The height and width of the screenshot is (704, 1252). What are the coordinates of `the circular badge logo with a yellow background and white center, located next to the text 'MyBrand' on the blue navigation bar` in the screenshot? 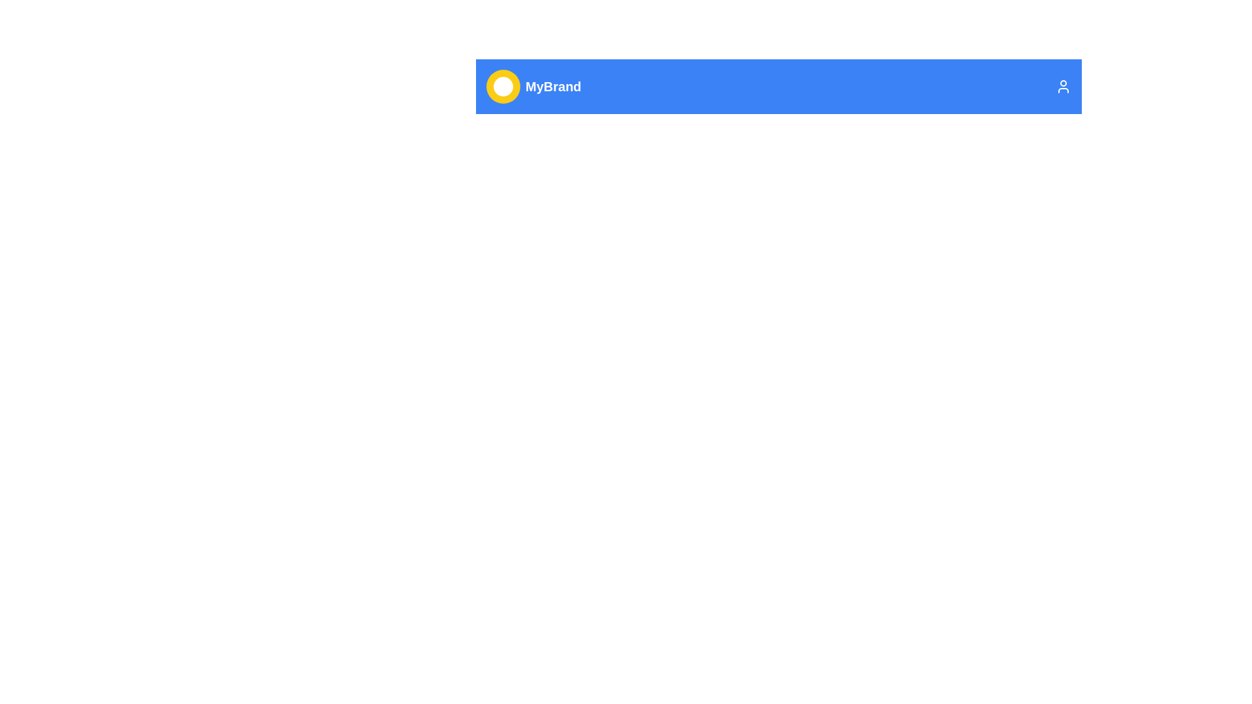 It's located at (503, 86).